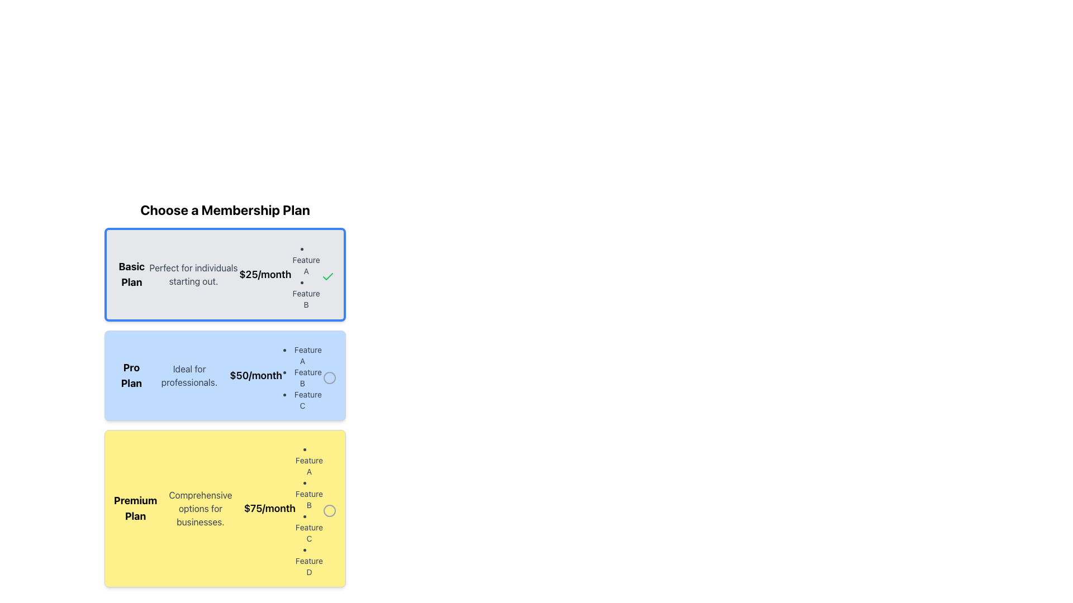  I want to click on the bulleted list containing 'Feature A', 'Feature B', 'Feature C', and 'Feature D' on the yellow background within the 'Premium Plan' card, so click(309, 508).